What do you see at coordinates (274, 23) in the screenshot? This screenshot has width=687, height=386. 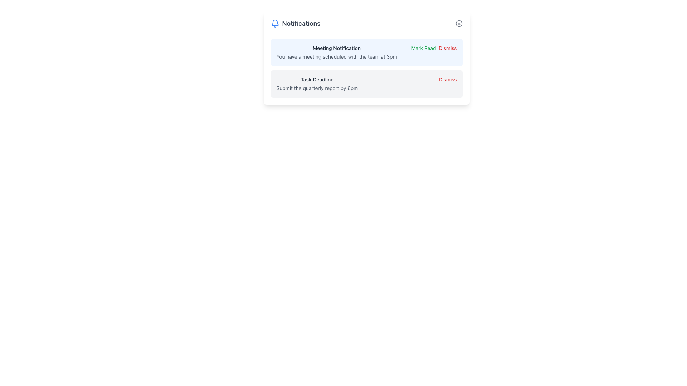 I see `the notification icon located at the top-left corner of the notification card, positioned to the immediate left of the text labeled 'Notifications'` at bounding box center [274, 23].